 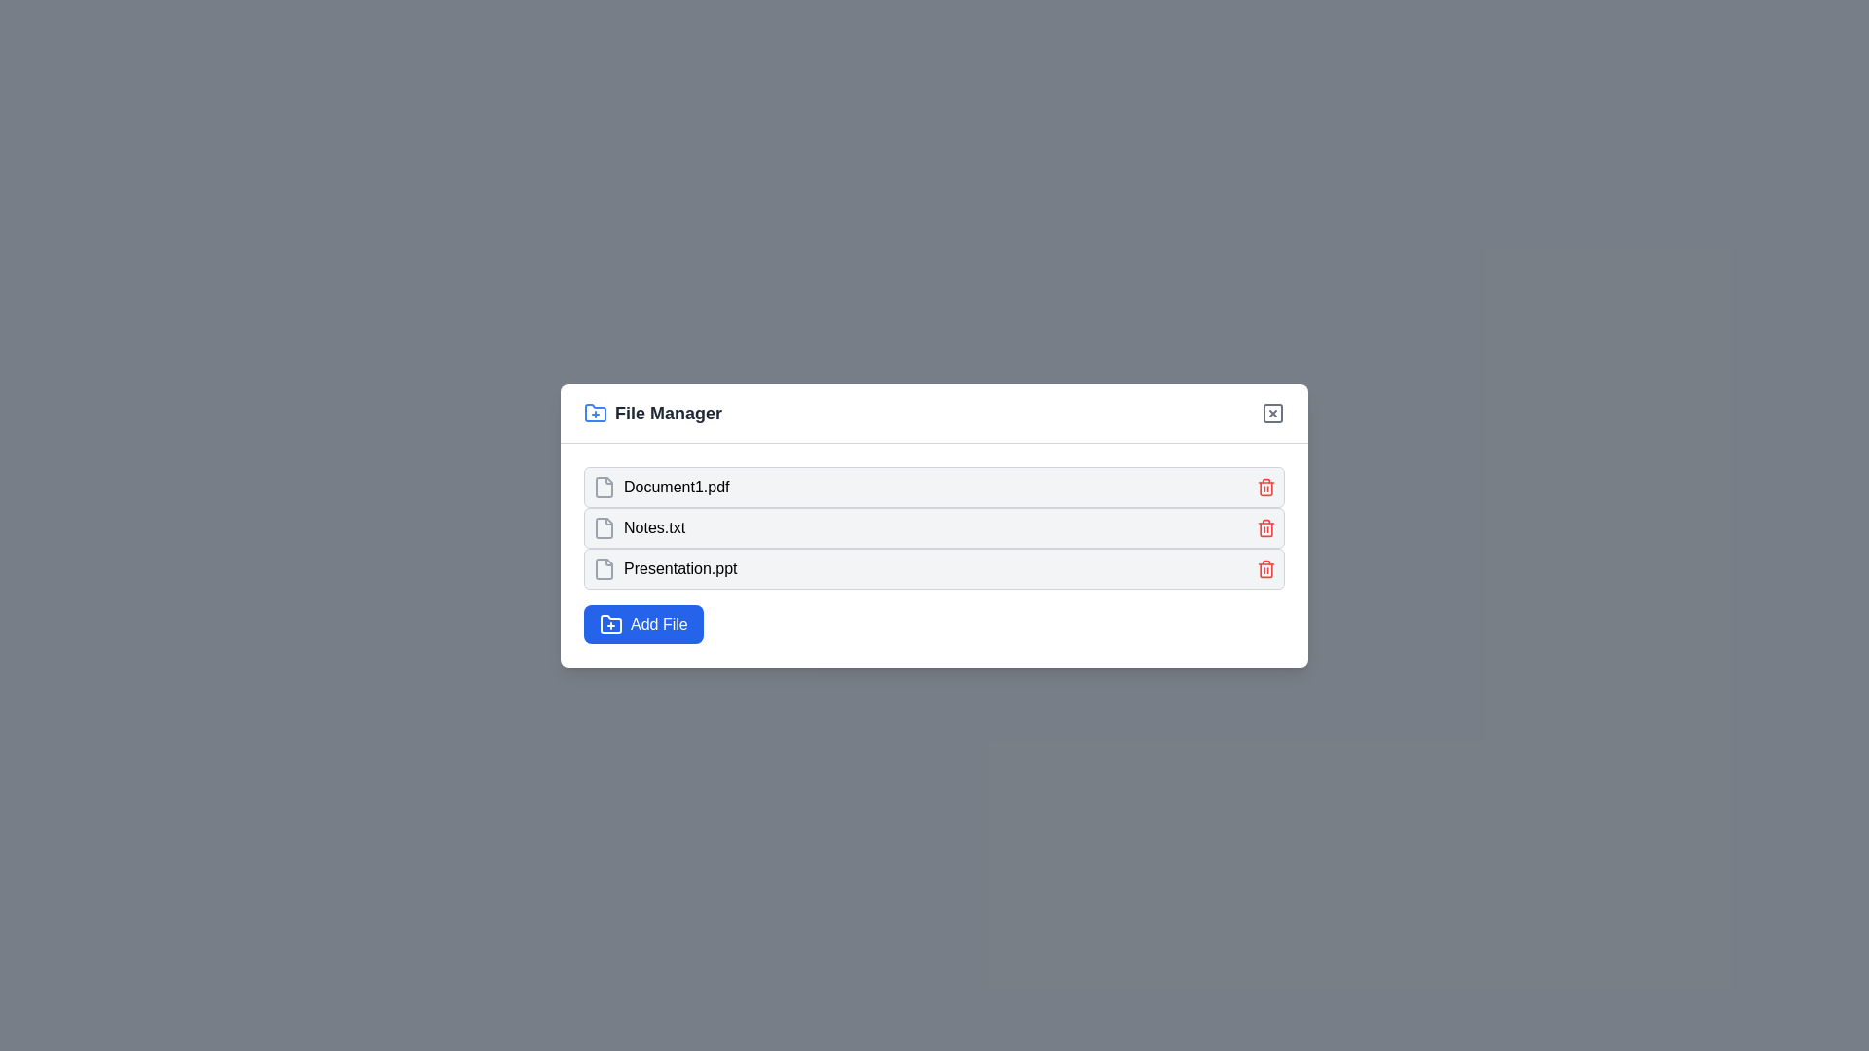 What do you see at coordinates (934, 527) in the screenshot?
I see `the file entry representing 'Notes.txt' in the file listing within the File Manager` at bounding box center [934, 527].